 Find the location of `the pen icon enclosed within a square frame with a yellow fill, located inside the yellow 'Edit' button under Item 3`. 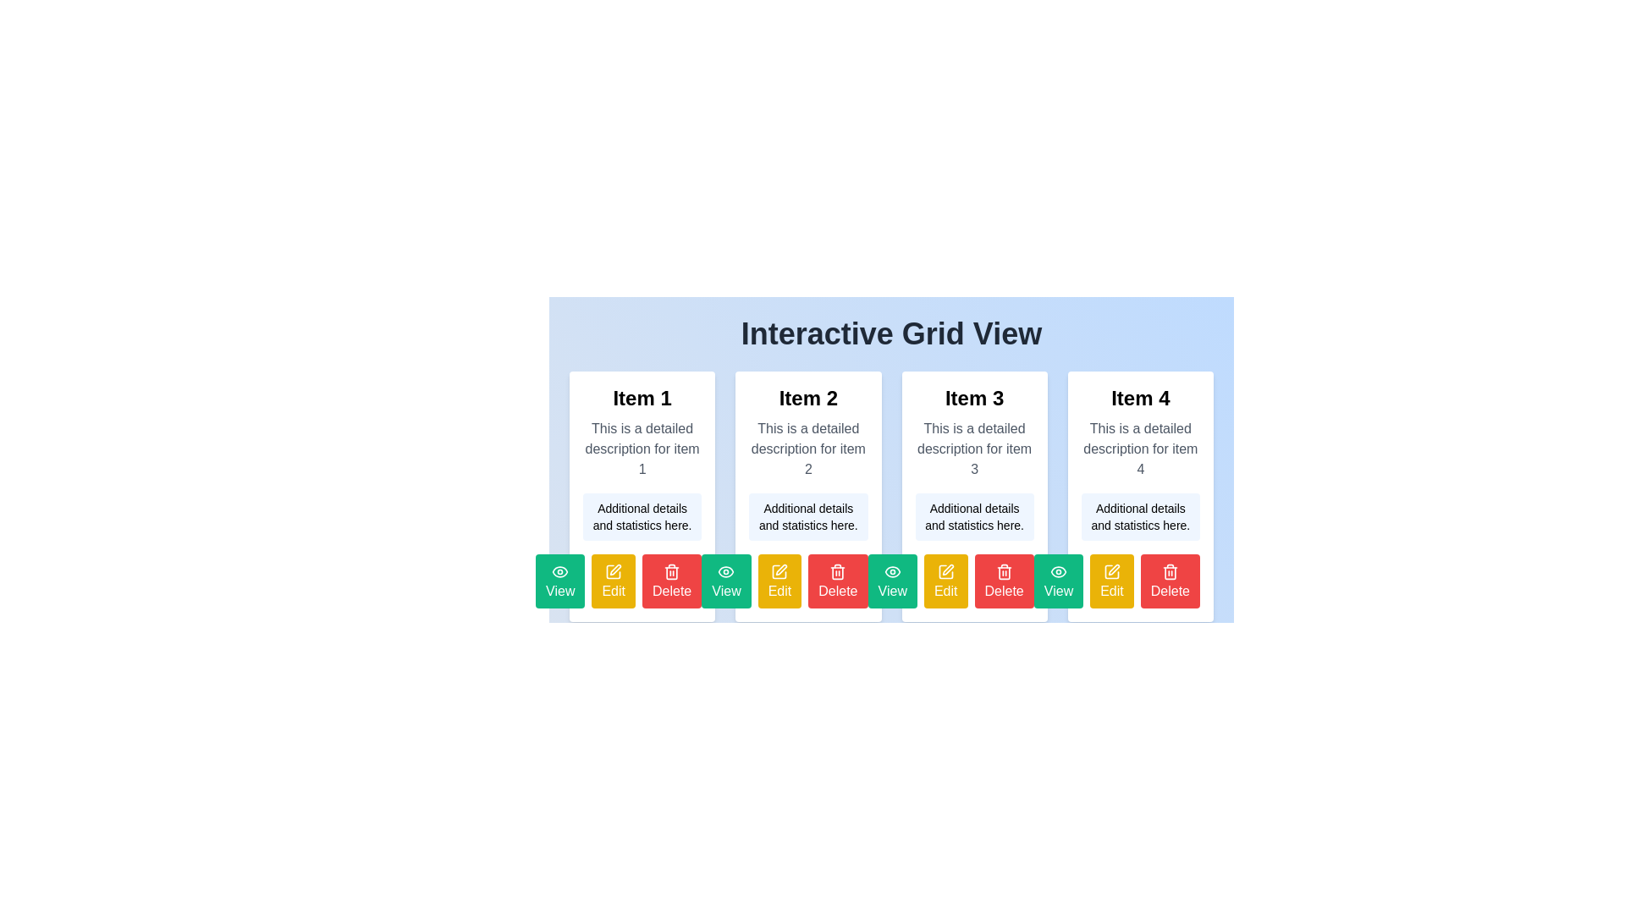

the pen icon enclosed within a square frame with a yellow fill, located inside the yellow 'Edit' button under Item 3 is located at coordinates (945, 571).